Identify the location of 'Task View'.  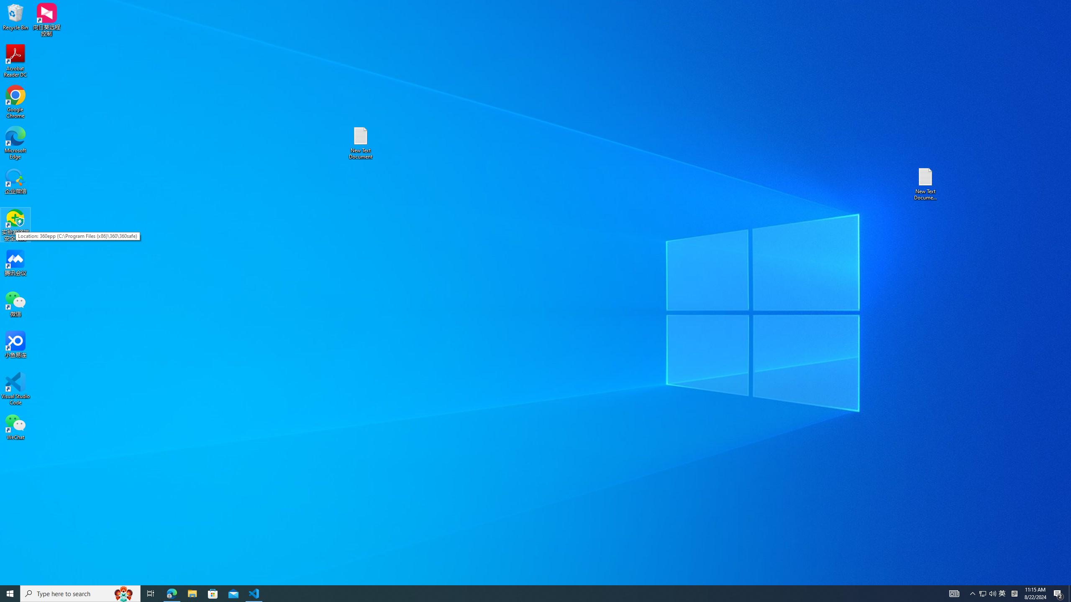
(150, 593).